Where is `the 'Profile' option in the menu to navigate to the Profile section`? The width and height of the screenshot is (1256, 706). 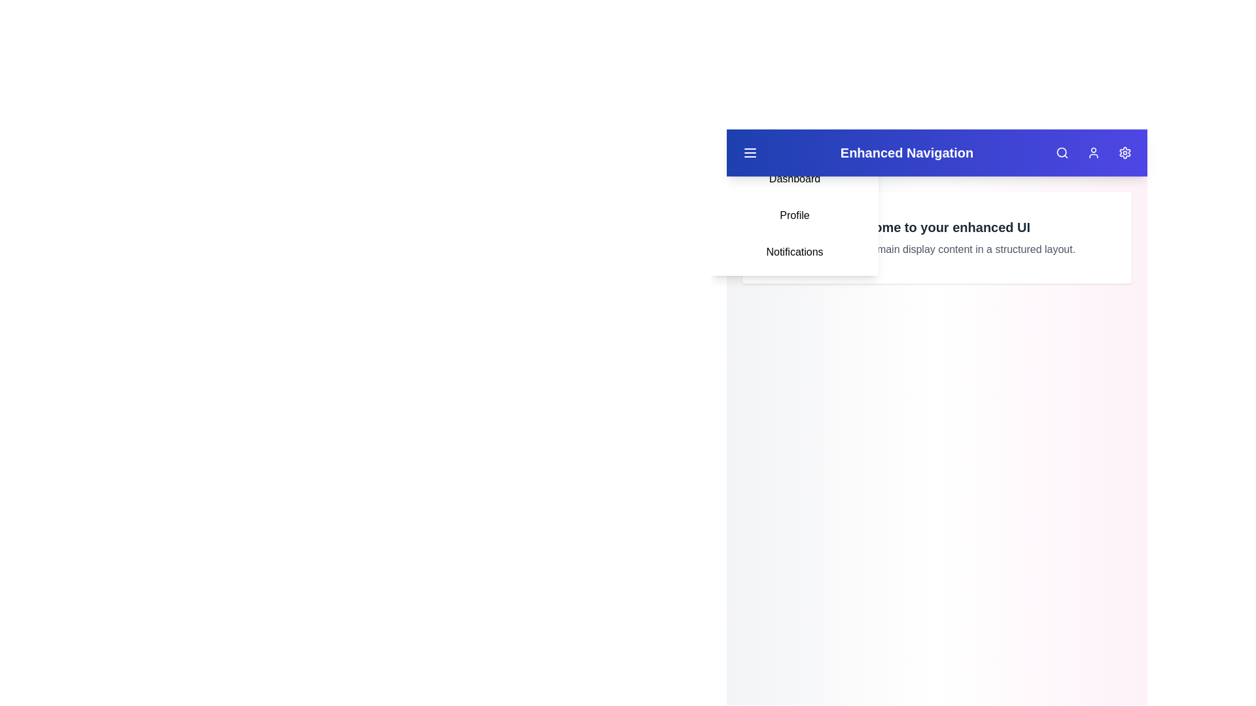
the 'Profile' option in the menu to navigate to the Profile section is located at coordinates (794, 215).